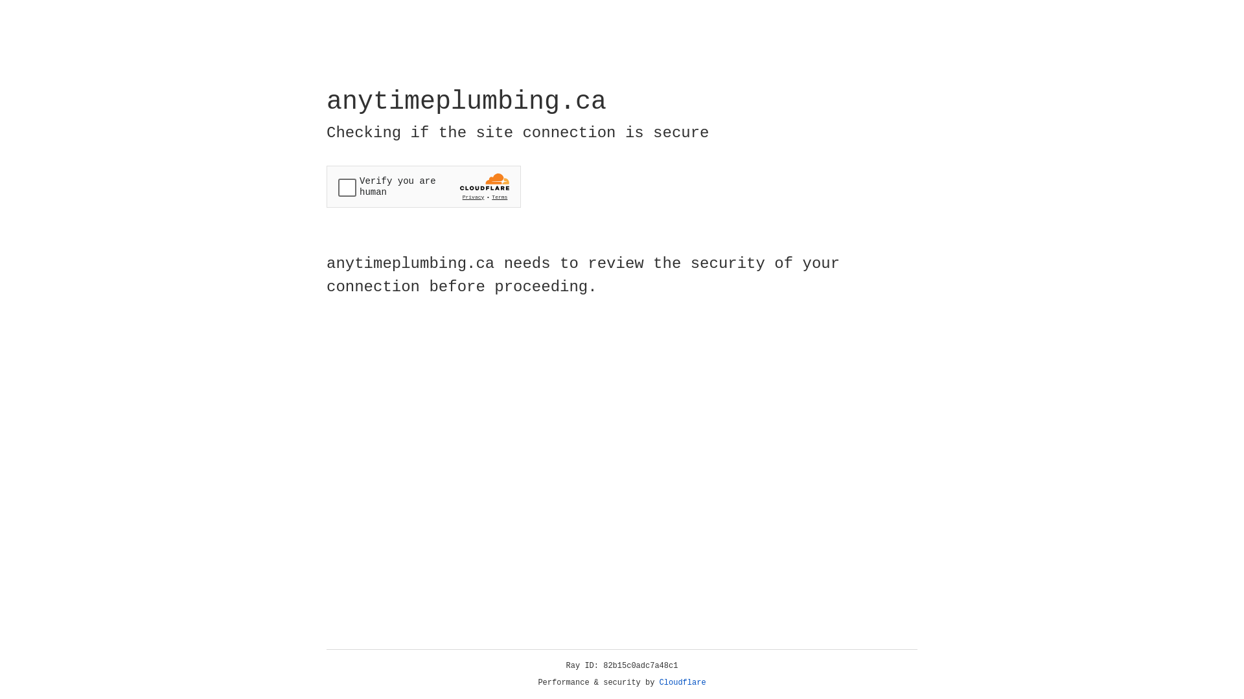 The height and width of the screenshot is (699, 1244). I want to click on 'Cloudflare', so click(682, 682).